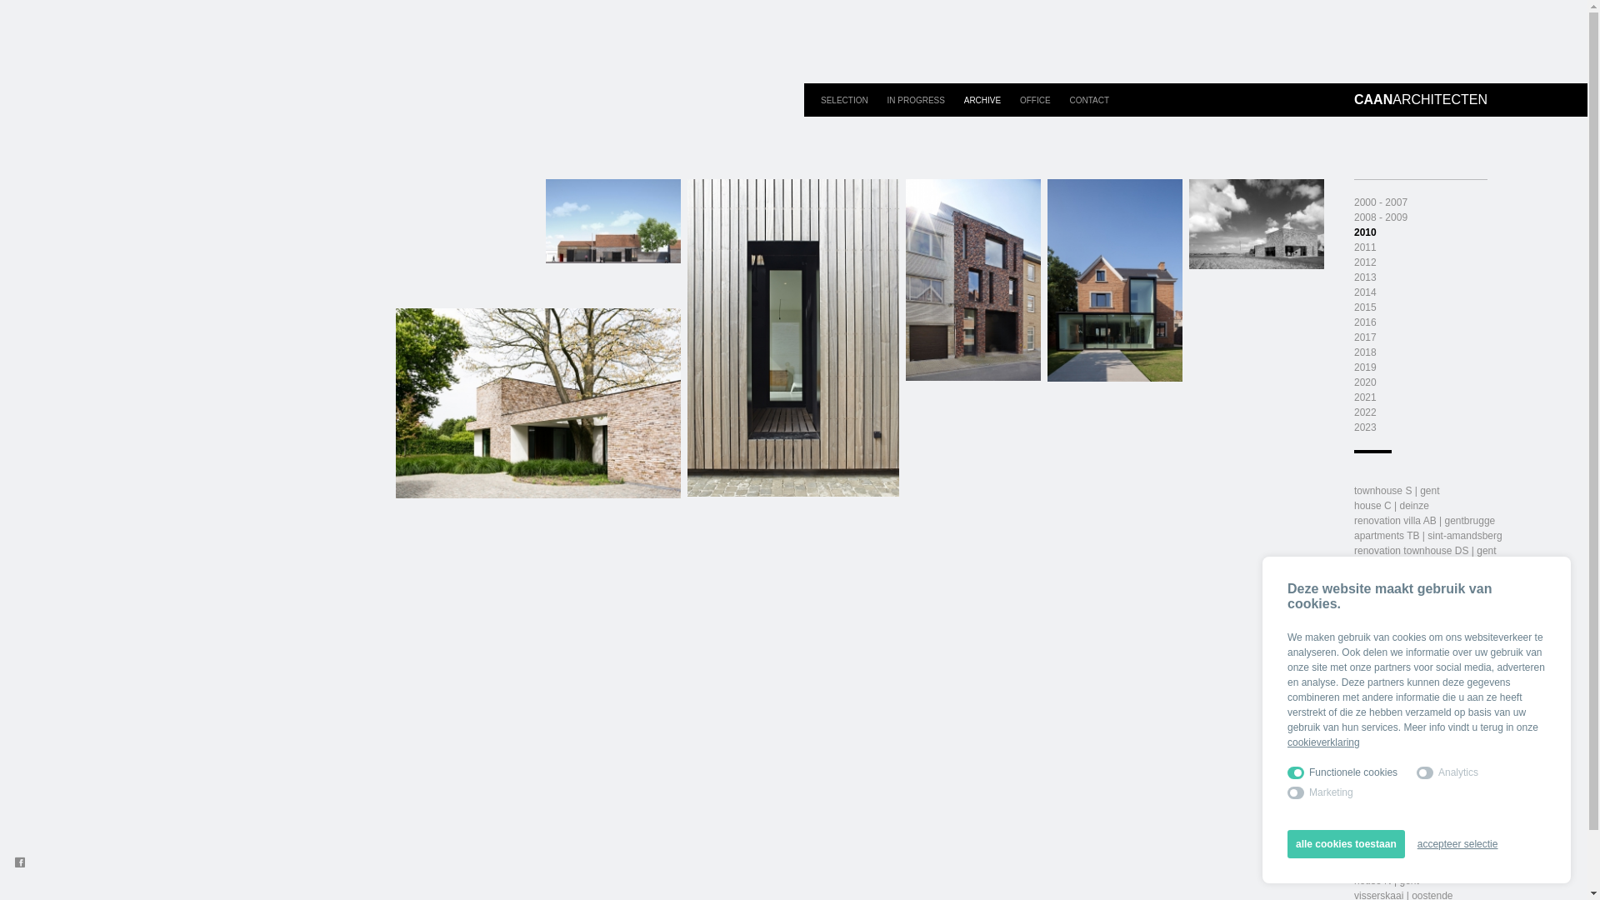 This screenshot has height=900, width=1600. Describe the element at coordinates (1416, 844) in the screenshot. I see `'accepteer selectie'` at that location.